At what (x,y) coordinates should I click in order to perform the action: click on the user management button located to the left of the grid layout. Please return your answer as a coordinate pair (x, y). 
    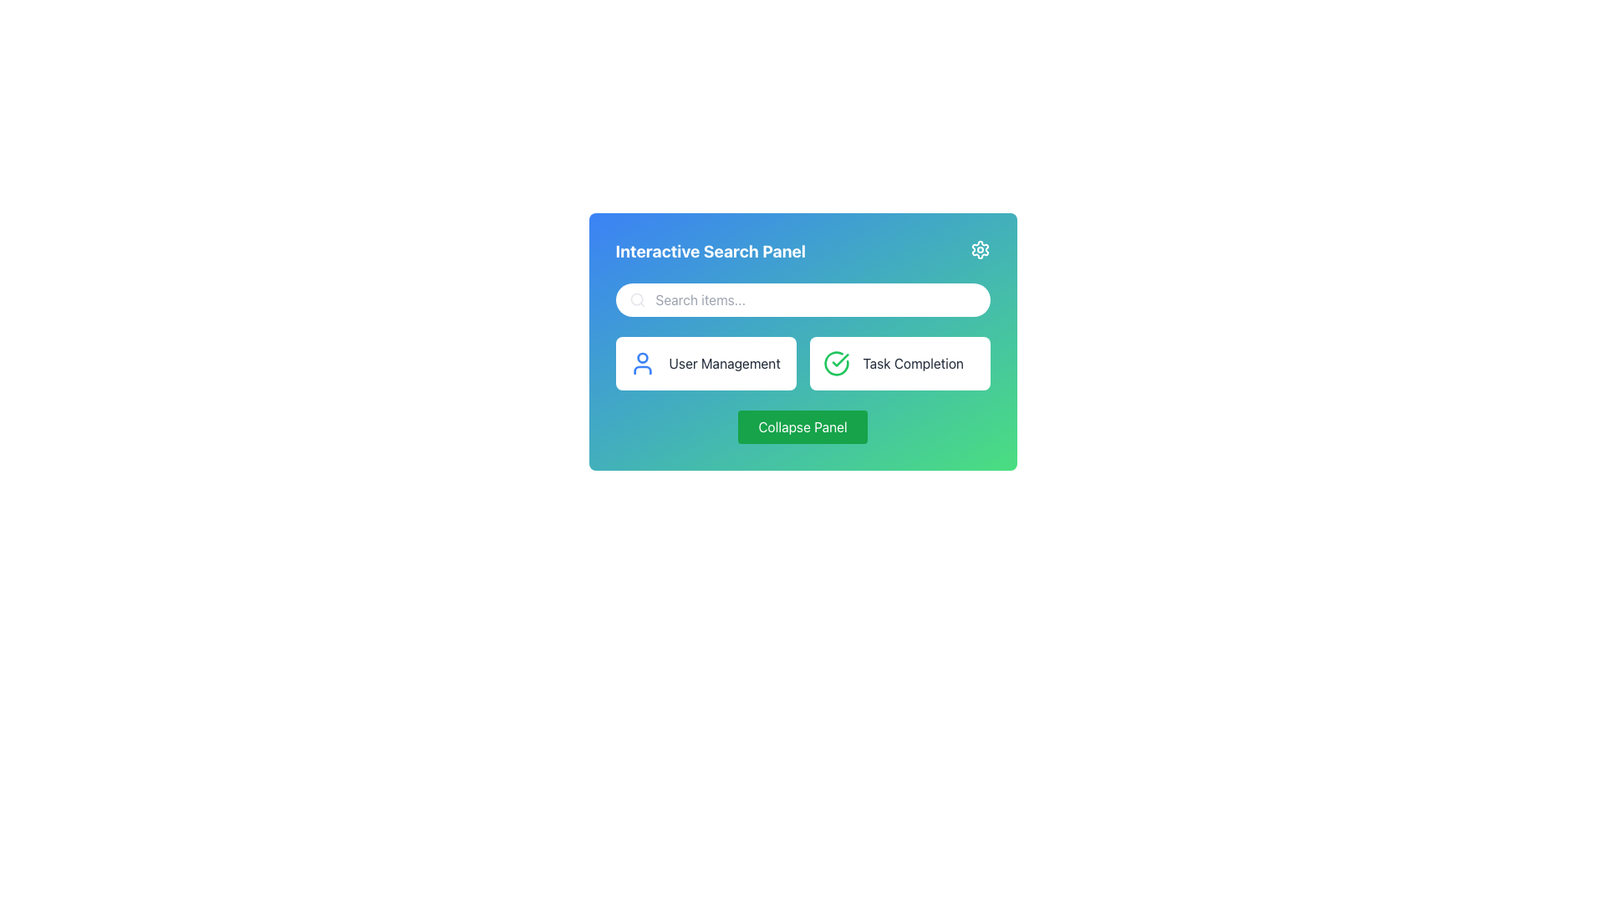
    Looking at the image, I should click on (706, 363).